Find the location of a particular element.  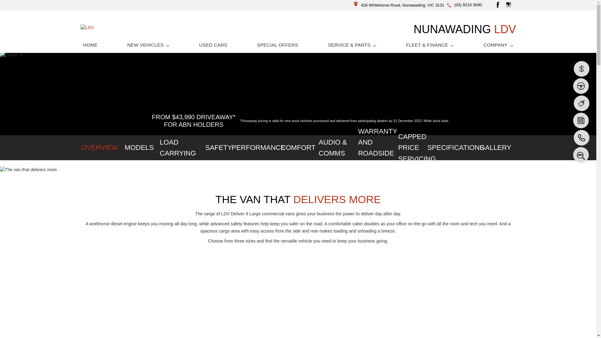

'SPECIAL OFFERS' is located at coordinates (277, 44).